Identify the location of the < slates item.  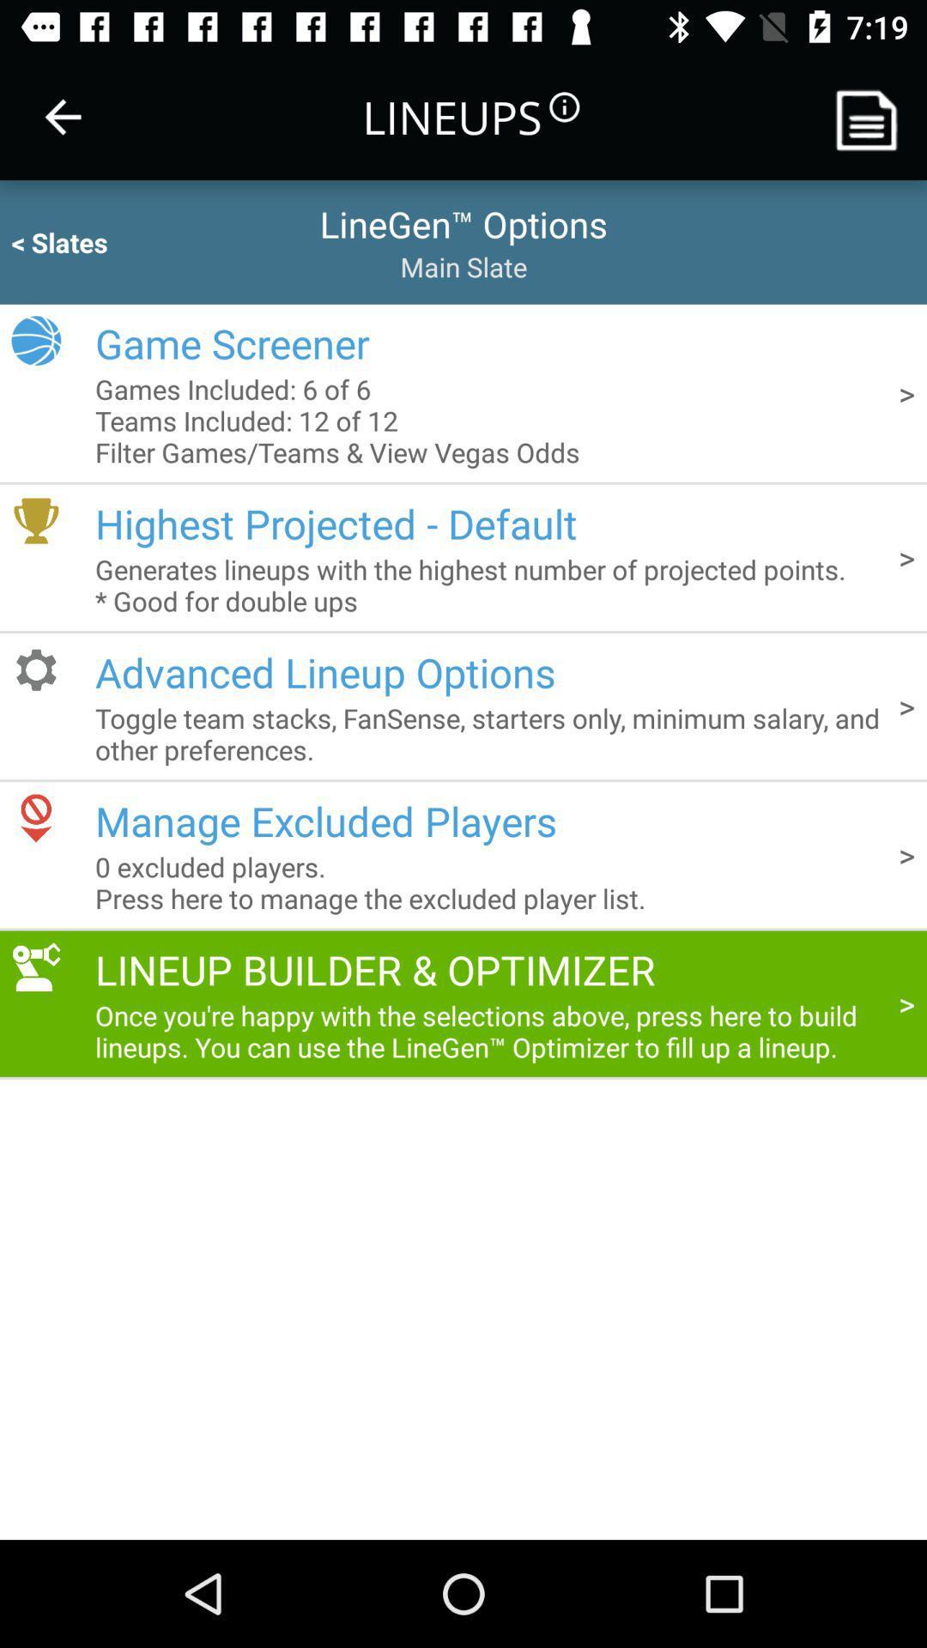
(93, 241).